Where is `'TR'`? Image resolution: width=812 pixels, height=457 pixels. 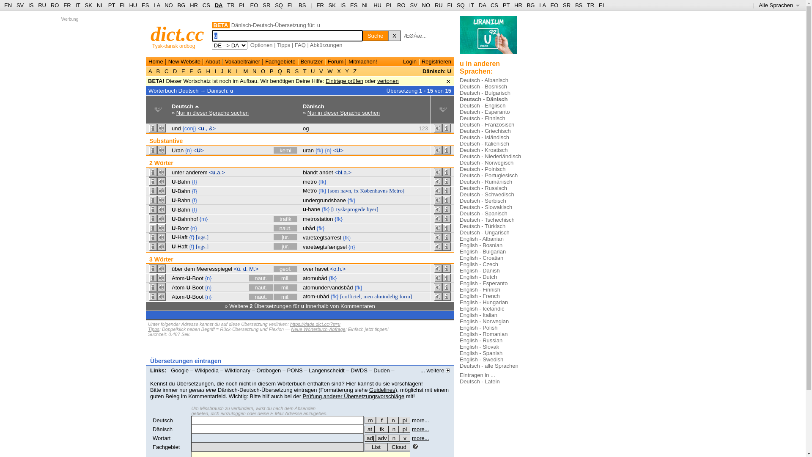 'TR' is located at coordinates (230, 5).